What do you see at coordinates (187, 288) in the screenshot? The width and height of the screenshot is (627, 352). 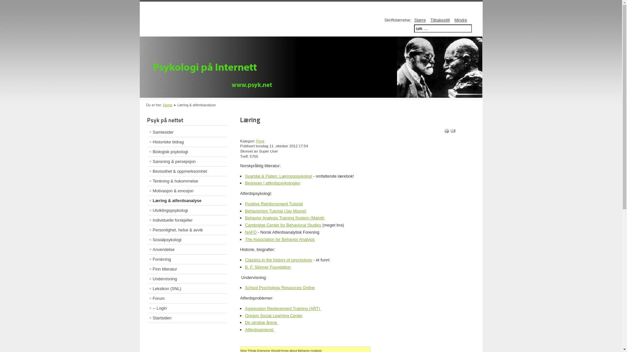 I see `'Leksikon (SNL)'` at bounding box center [187, 288].